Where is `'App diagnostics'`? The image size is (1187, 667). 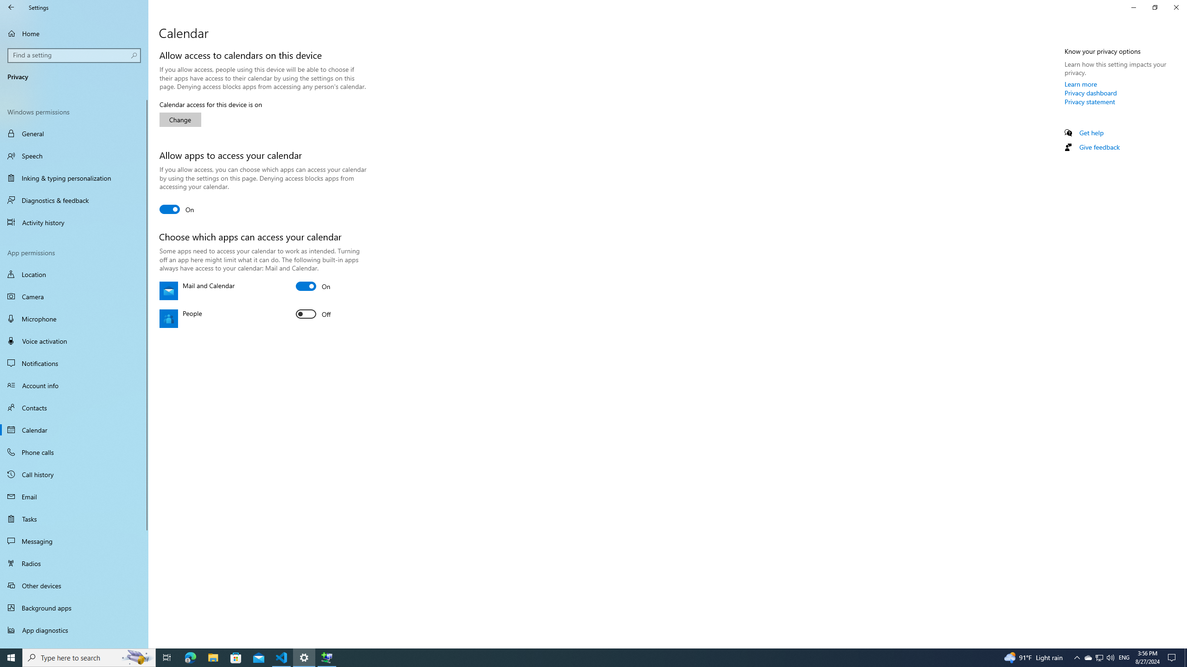 'App diagnostics' is located at coordinates (74, 629).